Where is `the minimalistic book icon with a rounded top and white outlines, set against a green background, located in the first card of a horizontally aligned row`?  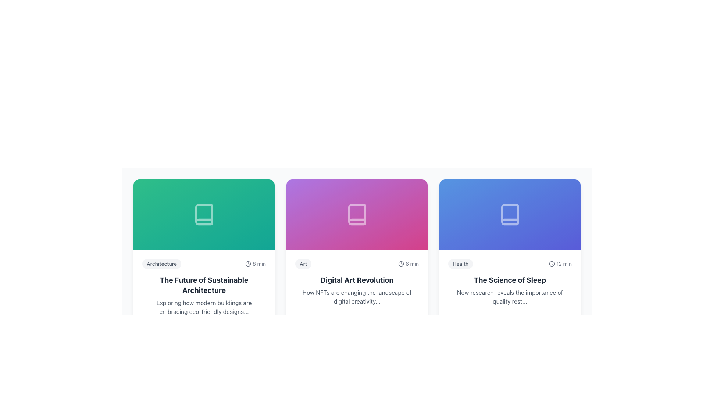
the minimalistic book icon with a rounded top and white outlines, set against a green background, located in the first card of a horizontally aligned row is located at coordinates (204, 214).